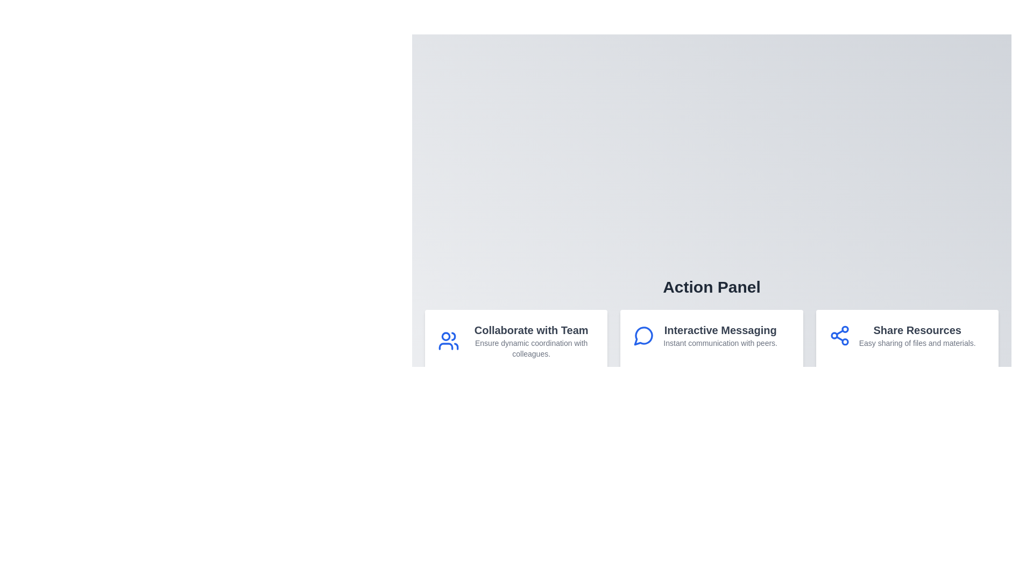 This screenshot has width=1033, height=581. I want to click on the text label reading 'Action Panel' which is styled with large, bold text and is positioned centrally above the cards titled 'Collaborate with Team,' 'Interactive Messaging,' and 'Share Resources.', so click(712, 286).